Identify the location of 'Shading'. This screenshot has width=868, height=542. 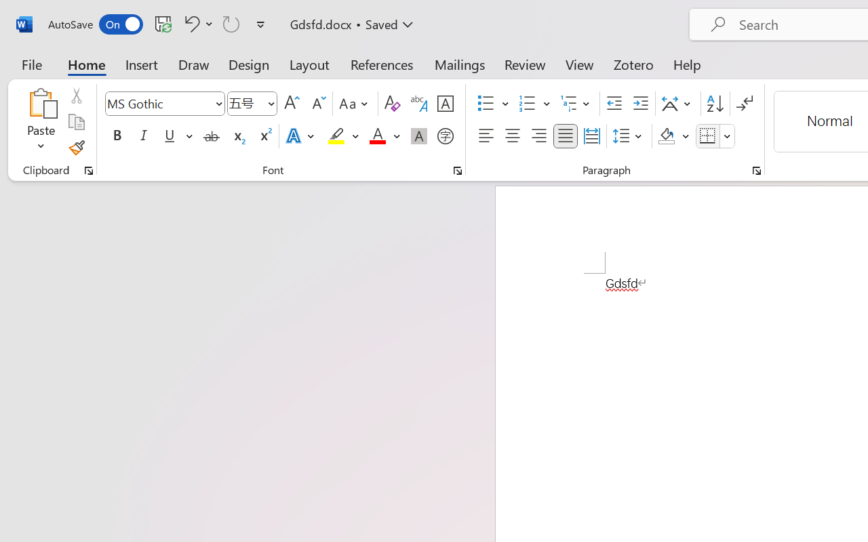
(673, 136).